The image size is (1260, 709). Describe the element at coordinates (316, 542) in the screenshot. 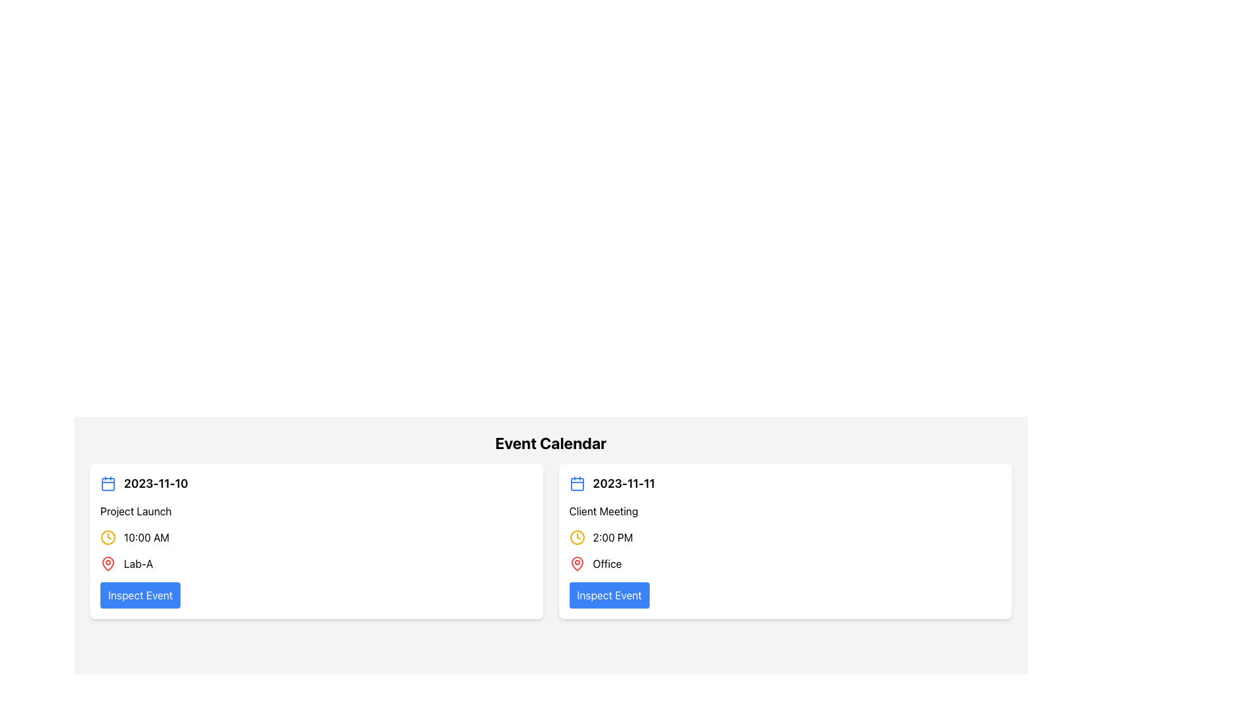

I see `event details from the first card in the two-column grid layout, which displays the date, title, time, location, and an action button for more information` at that location.